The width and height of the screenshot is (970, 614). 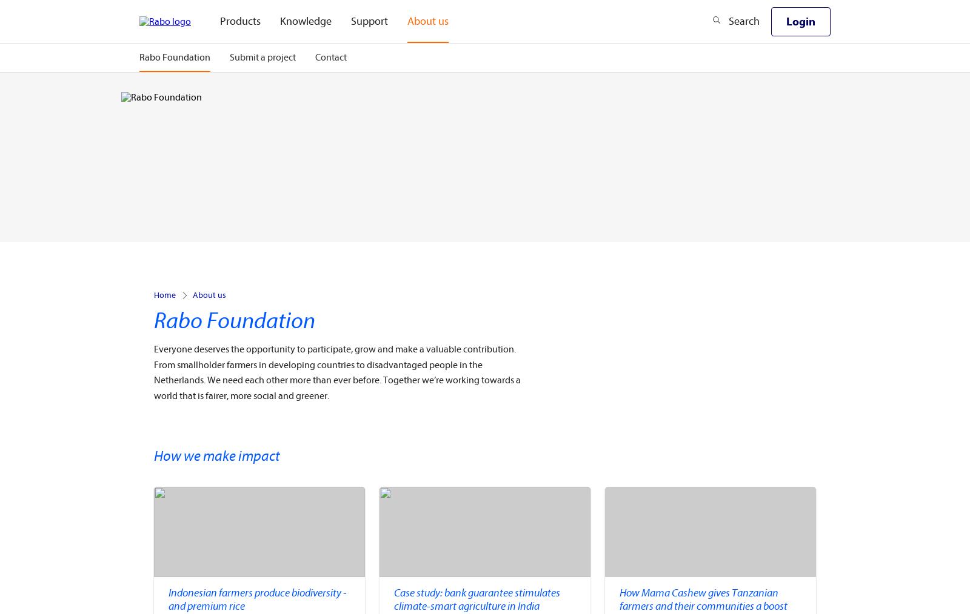 What do you see at coordinates (350, 21) in the screenshot?
I see `'Support'` at bounding box center [350, 21].